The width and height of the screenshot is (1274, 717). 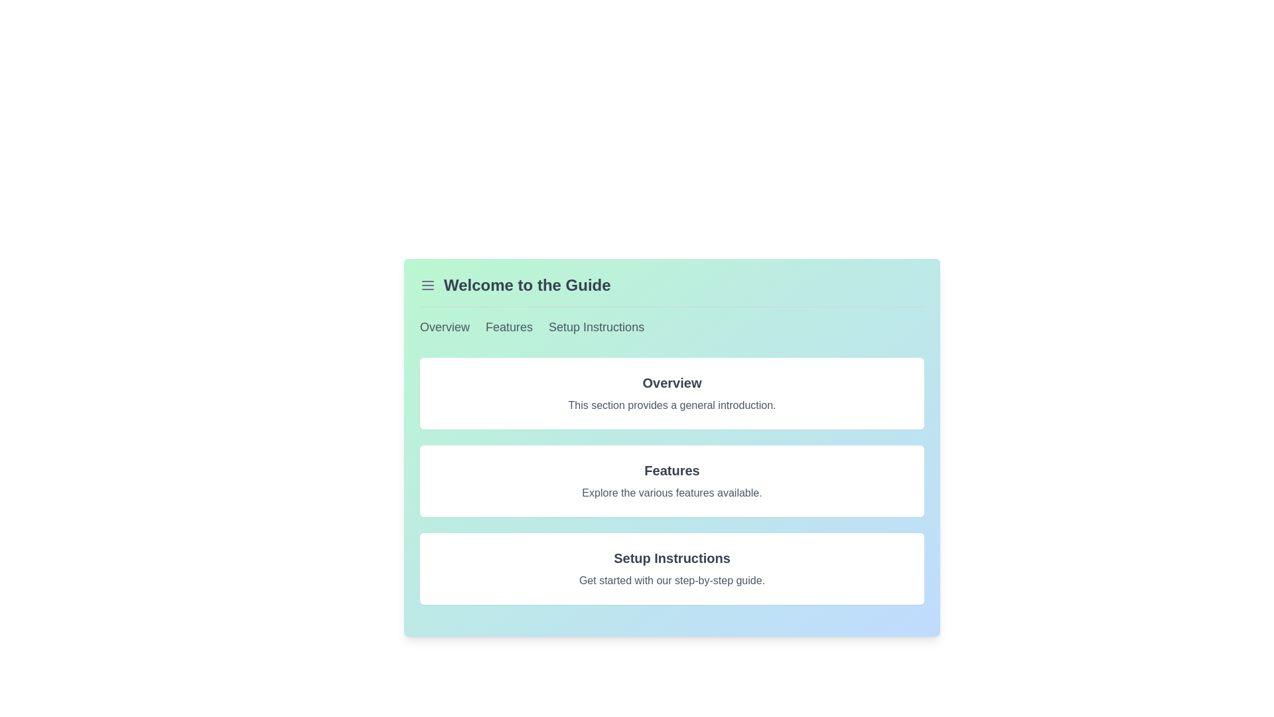 What do you see at coordinates (445, 327) in the screenshot?
I see `the navigational hyperlink located in the top-left menu bar to redirect to the 'Overview' section` at bounding box center [445, 327].